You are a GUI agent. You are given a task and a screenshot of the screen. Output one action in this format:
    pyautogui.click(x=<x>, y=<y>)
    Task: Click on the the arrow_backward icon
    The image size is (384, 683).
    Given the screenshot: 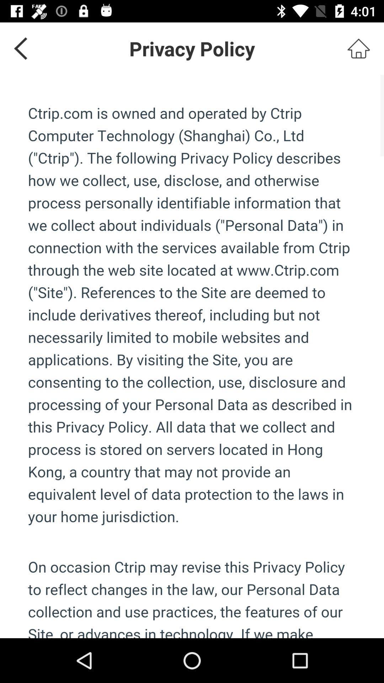 What is the action you would take?
    pyautogui.click(x=18, y=48)
    